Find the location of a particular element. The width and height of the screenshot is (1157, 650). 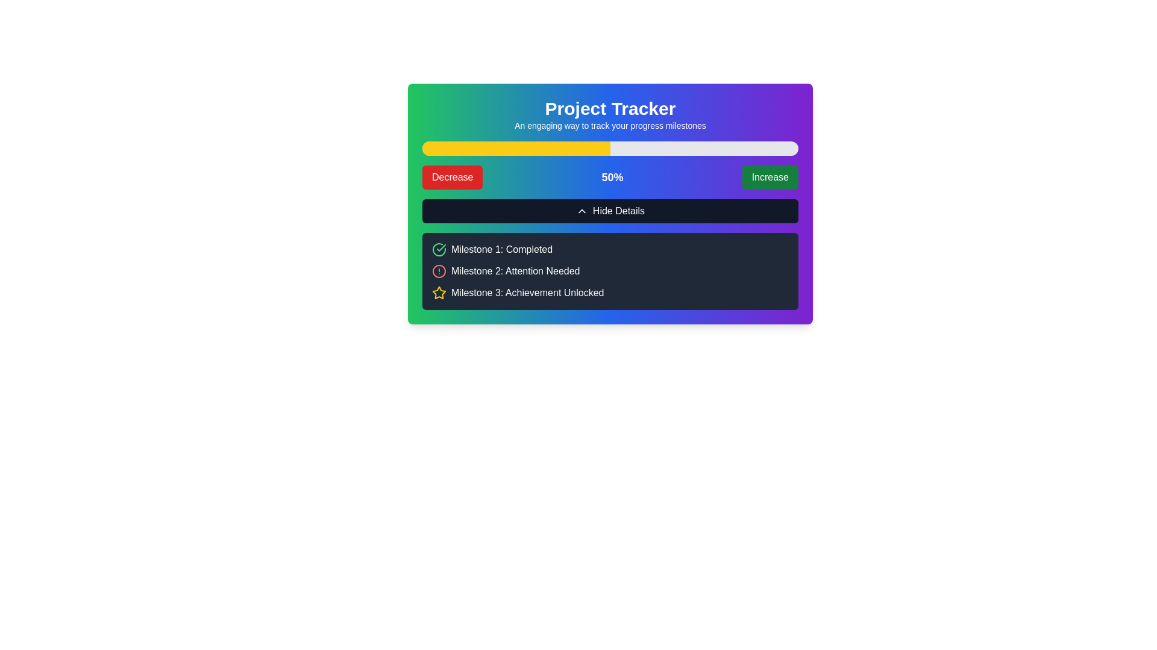

the icon representing 'Milestone 3: Achievement Unlocked' located below the Hide Details button in the bottom section of the interface is located at coordinates (439, 292).